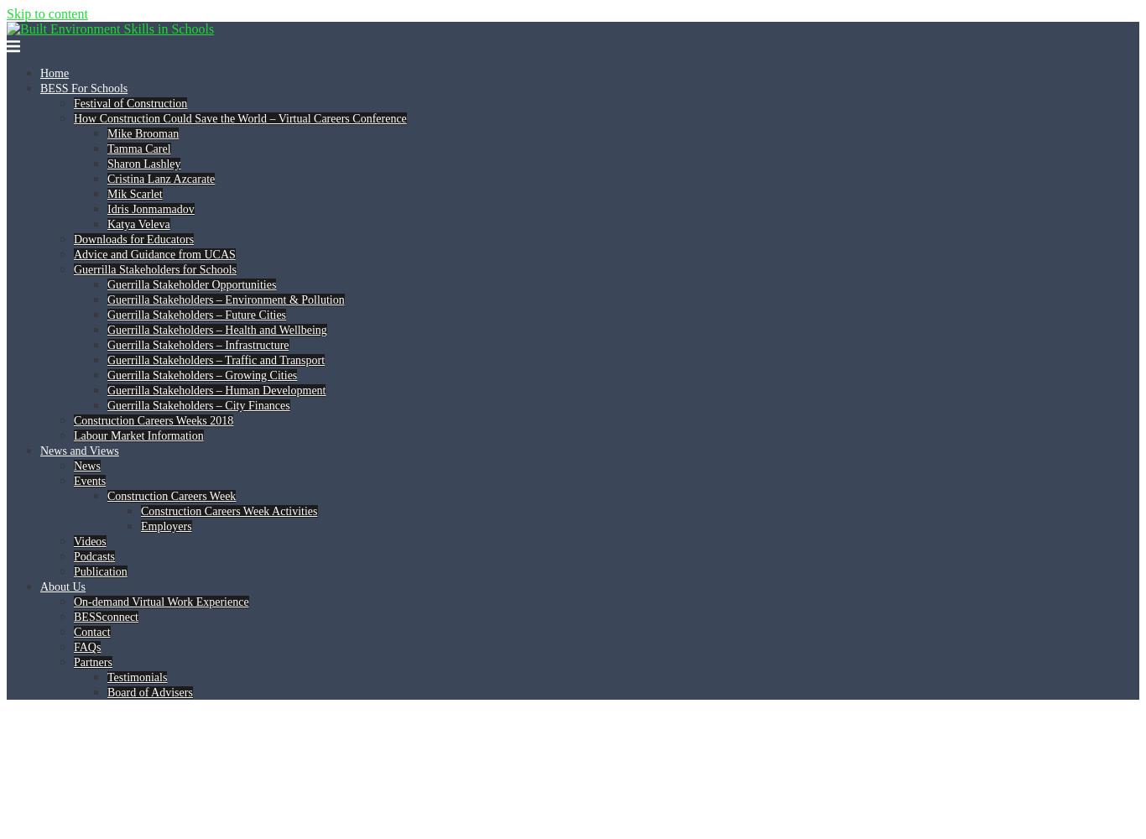 This screenshot has width=1146, height=839. Describe the element at coordinates (154, 268) in the screenshot. I see `'Guerrilla Stakeholders for Schools'` at that location.